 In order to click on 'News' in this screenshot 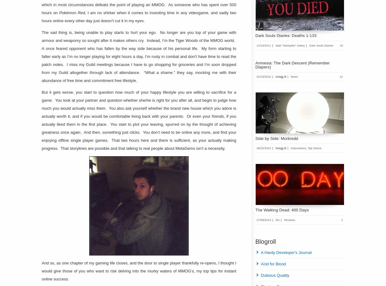, I will do `click(294, 76)`.